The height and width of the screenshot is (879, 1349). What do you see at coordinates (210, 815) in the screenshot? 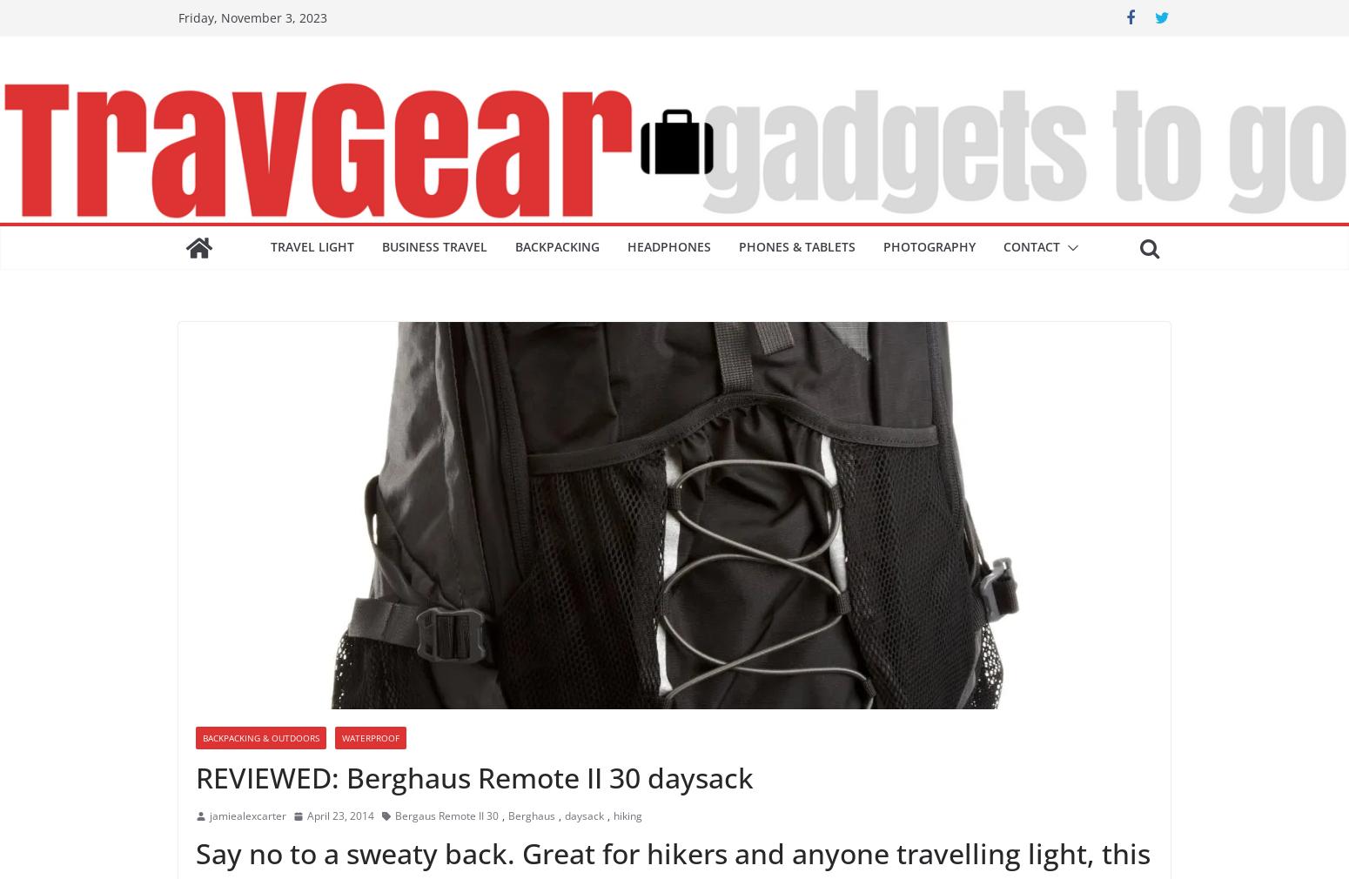
I see `'jamiealexcarter'` at bounding box center [210, 815].